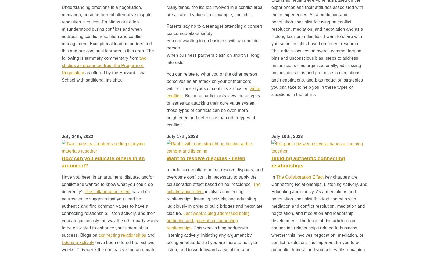  Describe the element at coordinates (77, 136) in the screenshot. I see `'July 24th, 2023'` at that location.